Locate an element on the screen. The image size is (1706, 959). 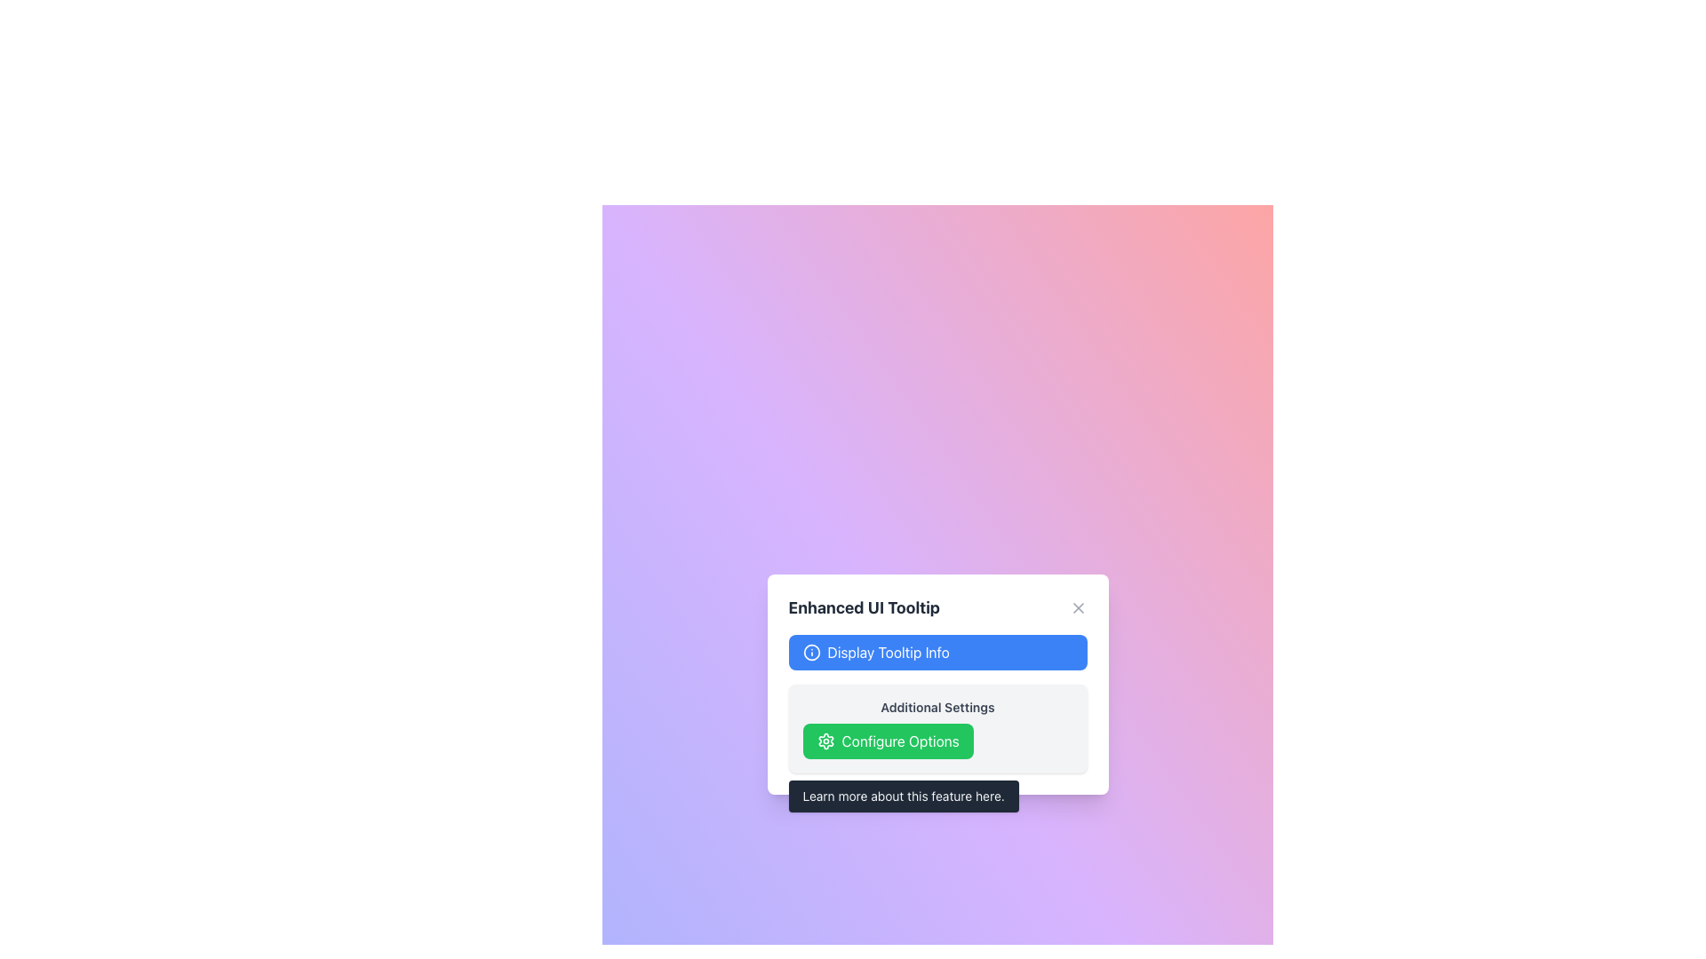
the gear-shaped icon with a circular center, which is the first visual component of the button labeled 'Configure Options' located beneath the 'Additional Settings' section in the popup window is located at coordinates (825, 741).